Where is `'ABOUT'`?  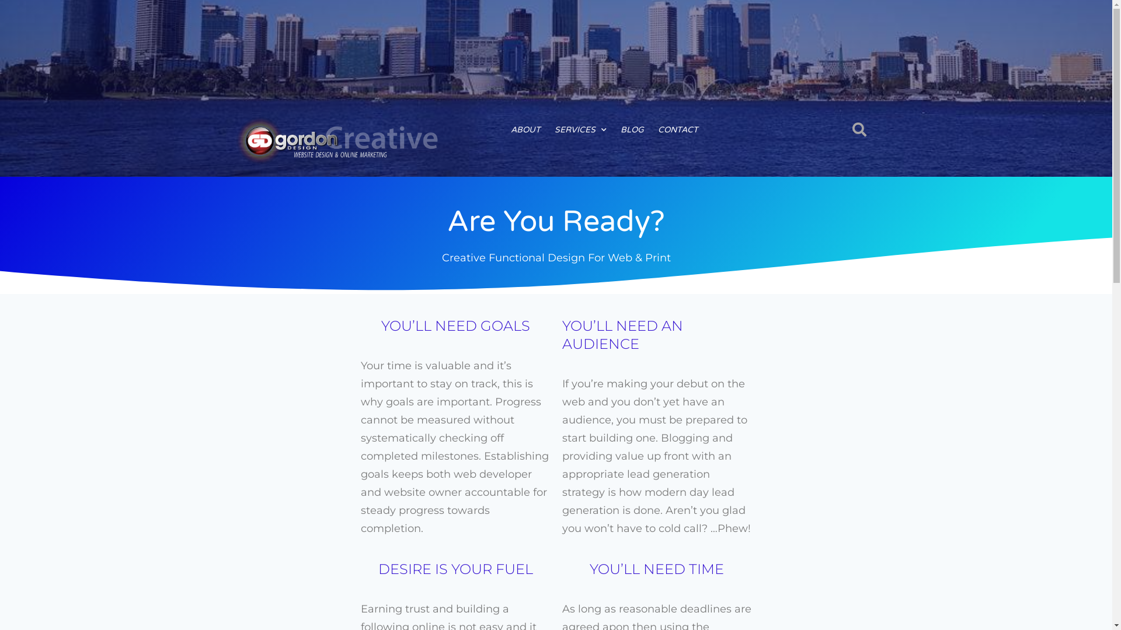
'ABOUT' is located at coordinates (525, 130).